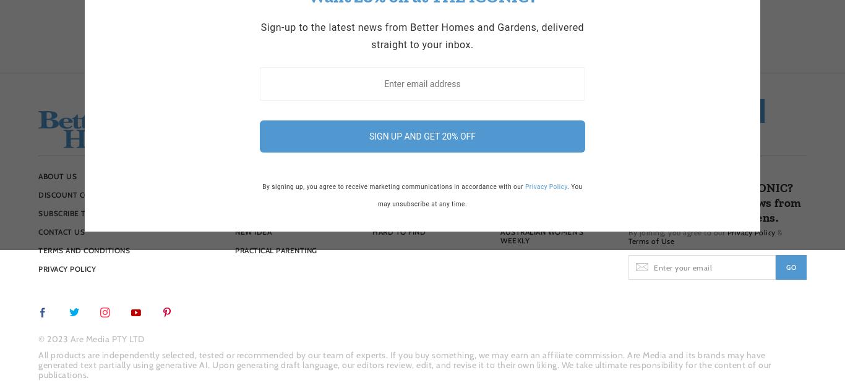 The image size is (845, 386). What do you see at coordinates (541, 235) in the screenshot?
I see `'Australian Women's Weekly'` at bounding box center [541, 235].